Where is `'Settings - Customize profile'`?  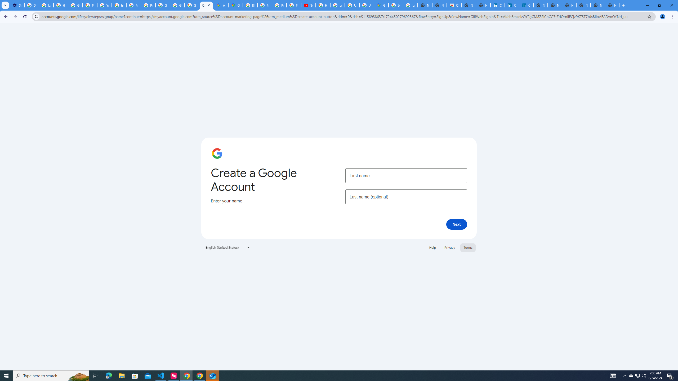 'Settings - Customize profile' is located at coordinates (17, 5).